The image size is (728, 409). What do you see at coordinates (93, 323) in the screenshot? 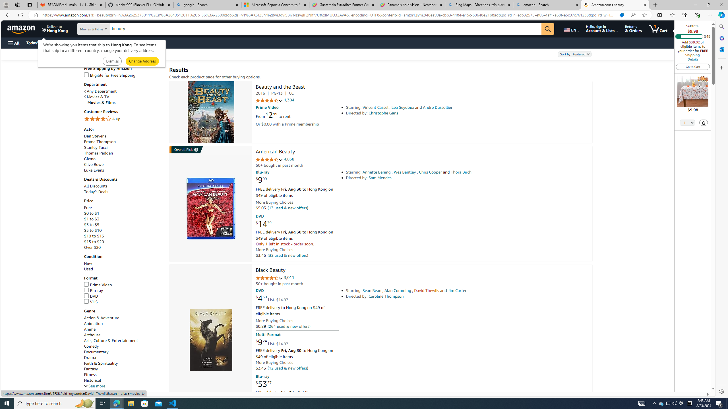
I see `'Animation'` at bounding box center [93, 323].